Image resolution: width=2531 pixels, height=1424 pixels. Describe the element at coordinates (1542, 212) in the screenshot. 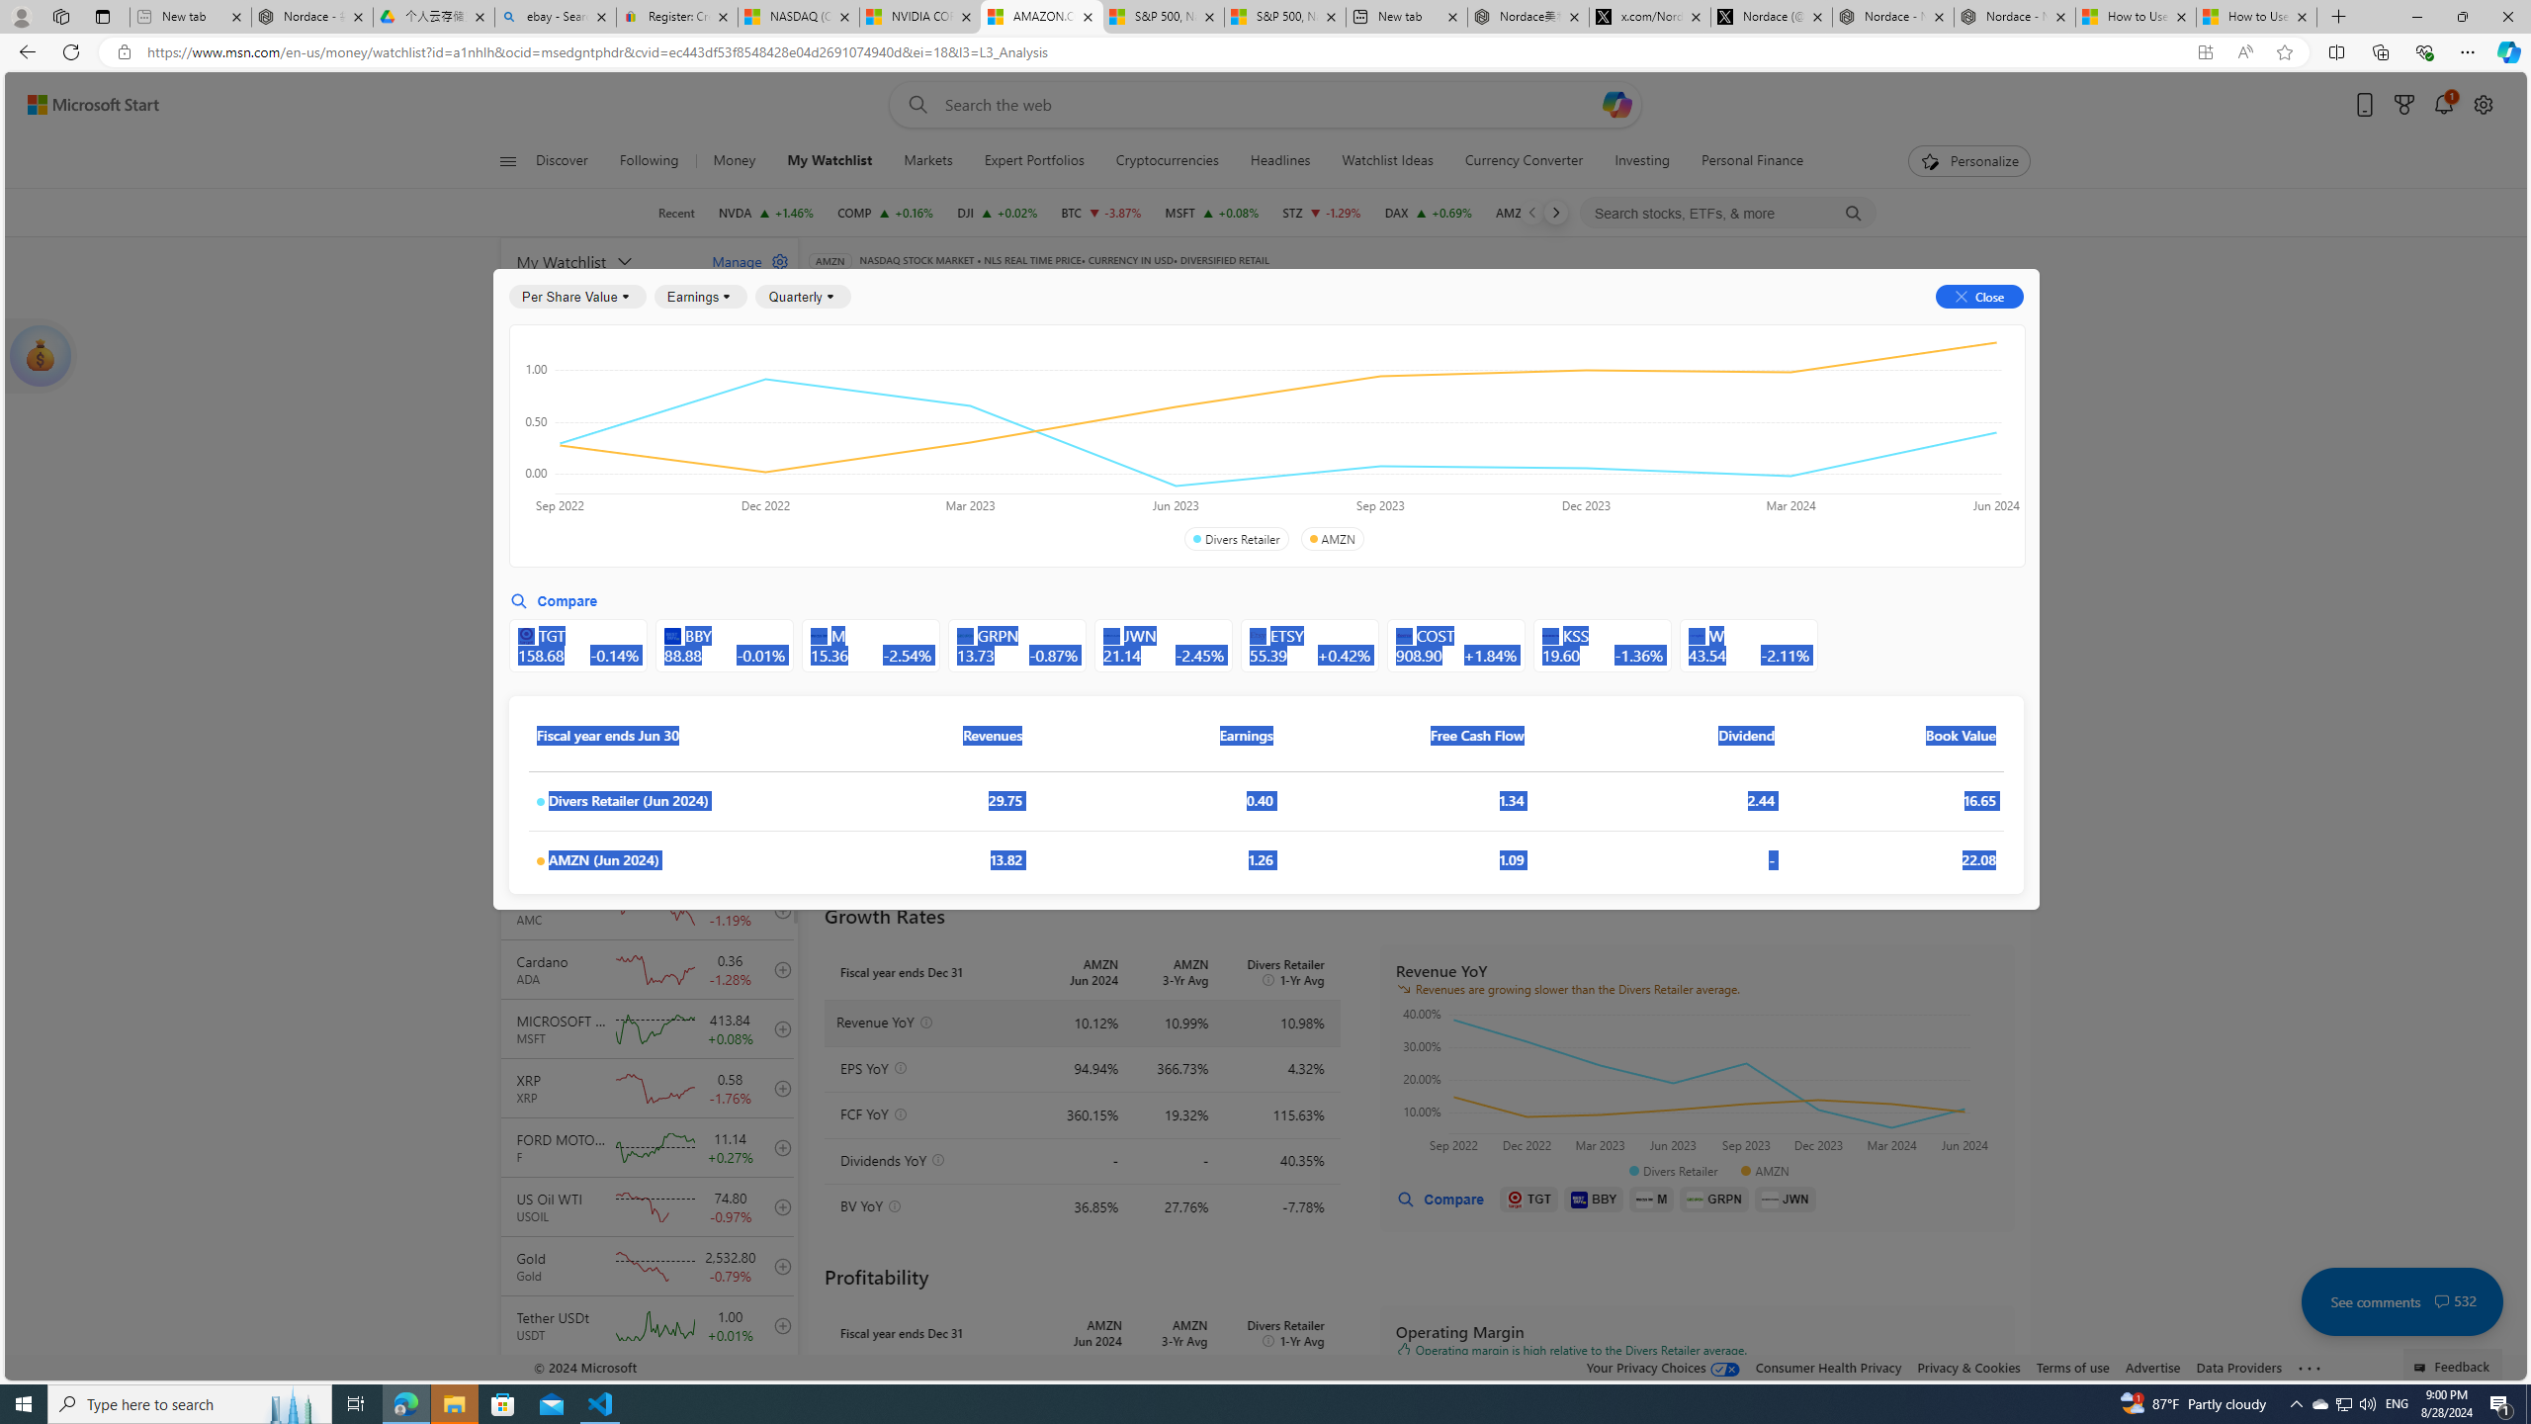

I see `'AMZN AMAZON.COM, INC. decrease 173.12 -2.38 -1.36%'` at that location.